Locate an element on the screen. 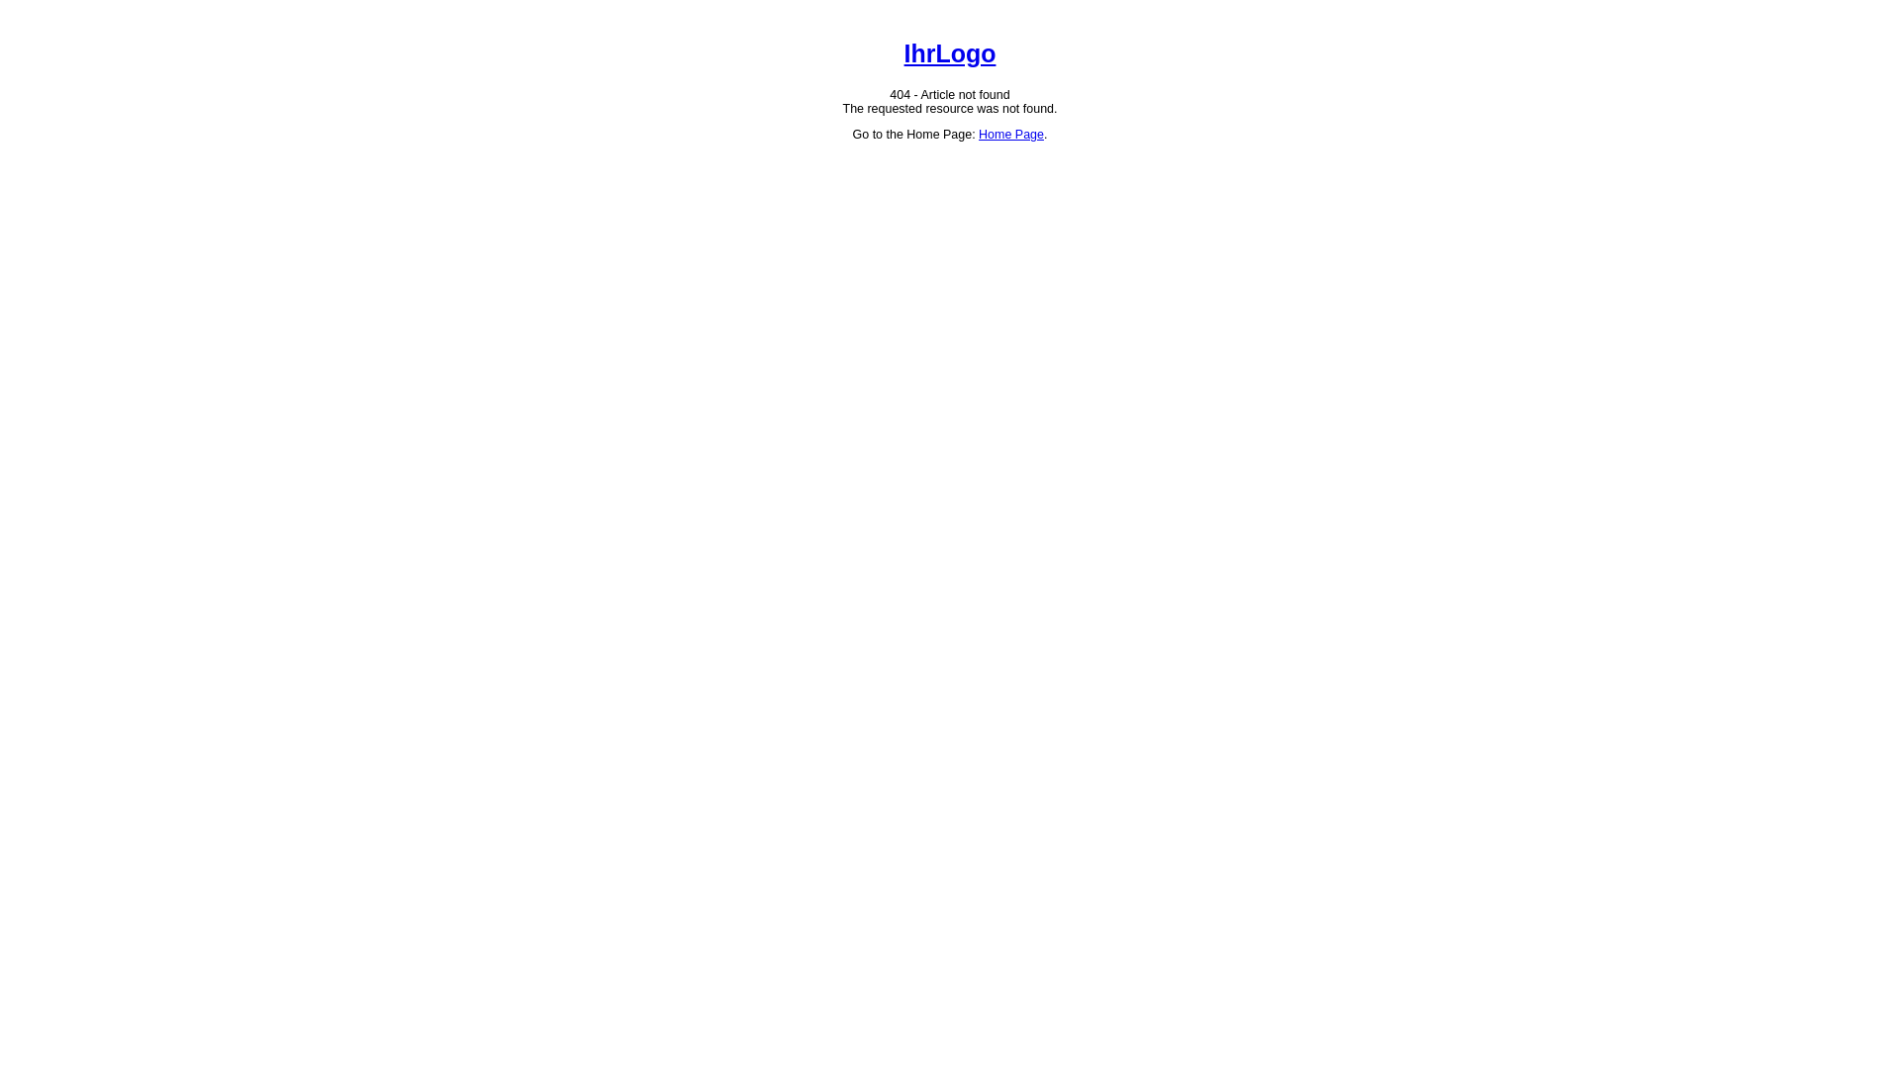 This screenshot has width=1900, height=1069. 'IhrLogo' is located at coordinates (950, 52).